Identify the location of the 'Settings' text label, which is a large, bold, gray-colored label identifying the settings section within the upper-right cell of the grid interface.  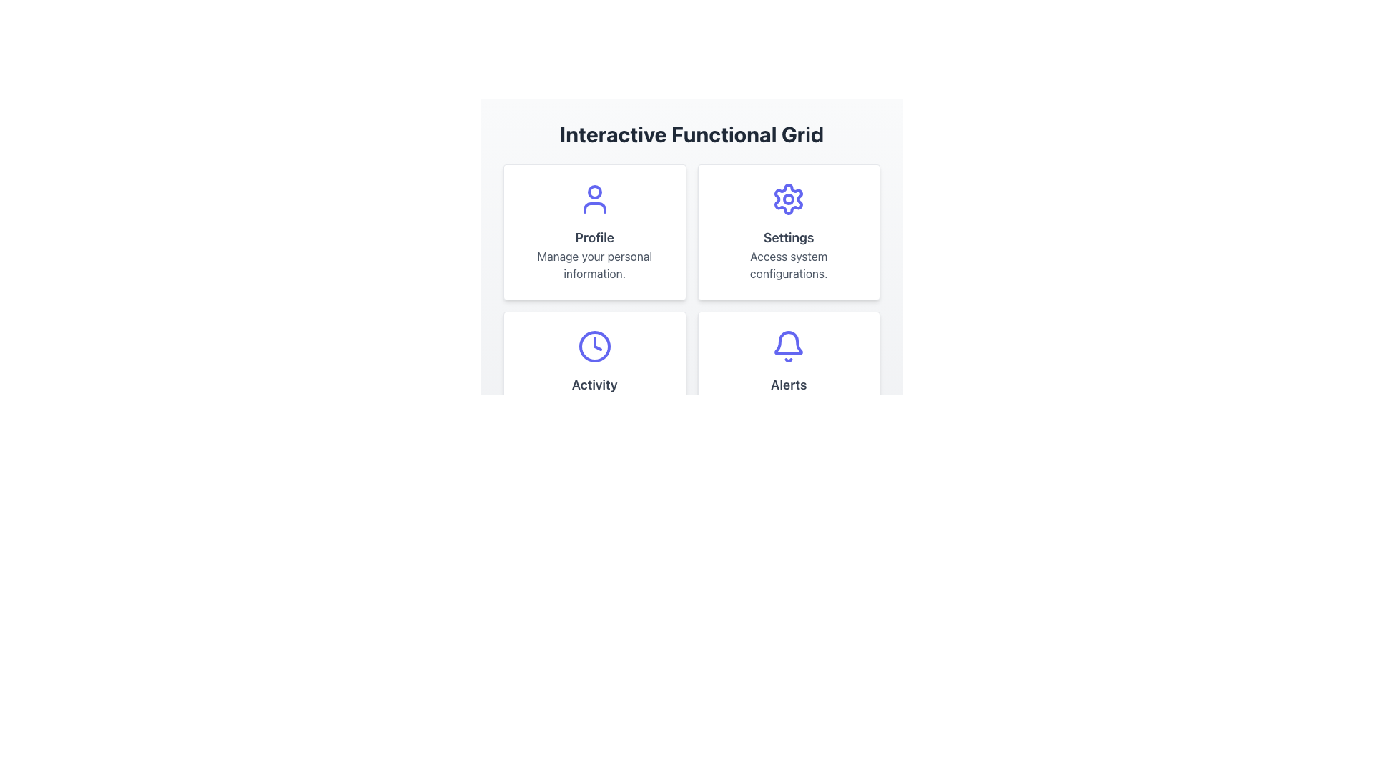
(788, 237).